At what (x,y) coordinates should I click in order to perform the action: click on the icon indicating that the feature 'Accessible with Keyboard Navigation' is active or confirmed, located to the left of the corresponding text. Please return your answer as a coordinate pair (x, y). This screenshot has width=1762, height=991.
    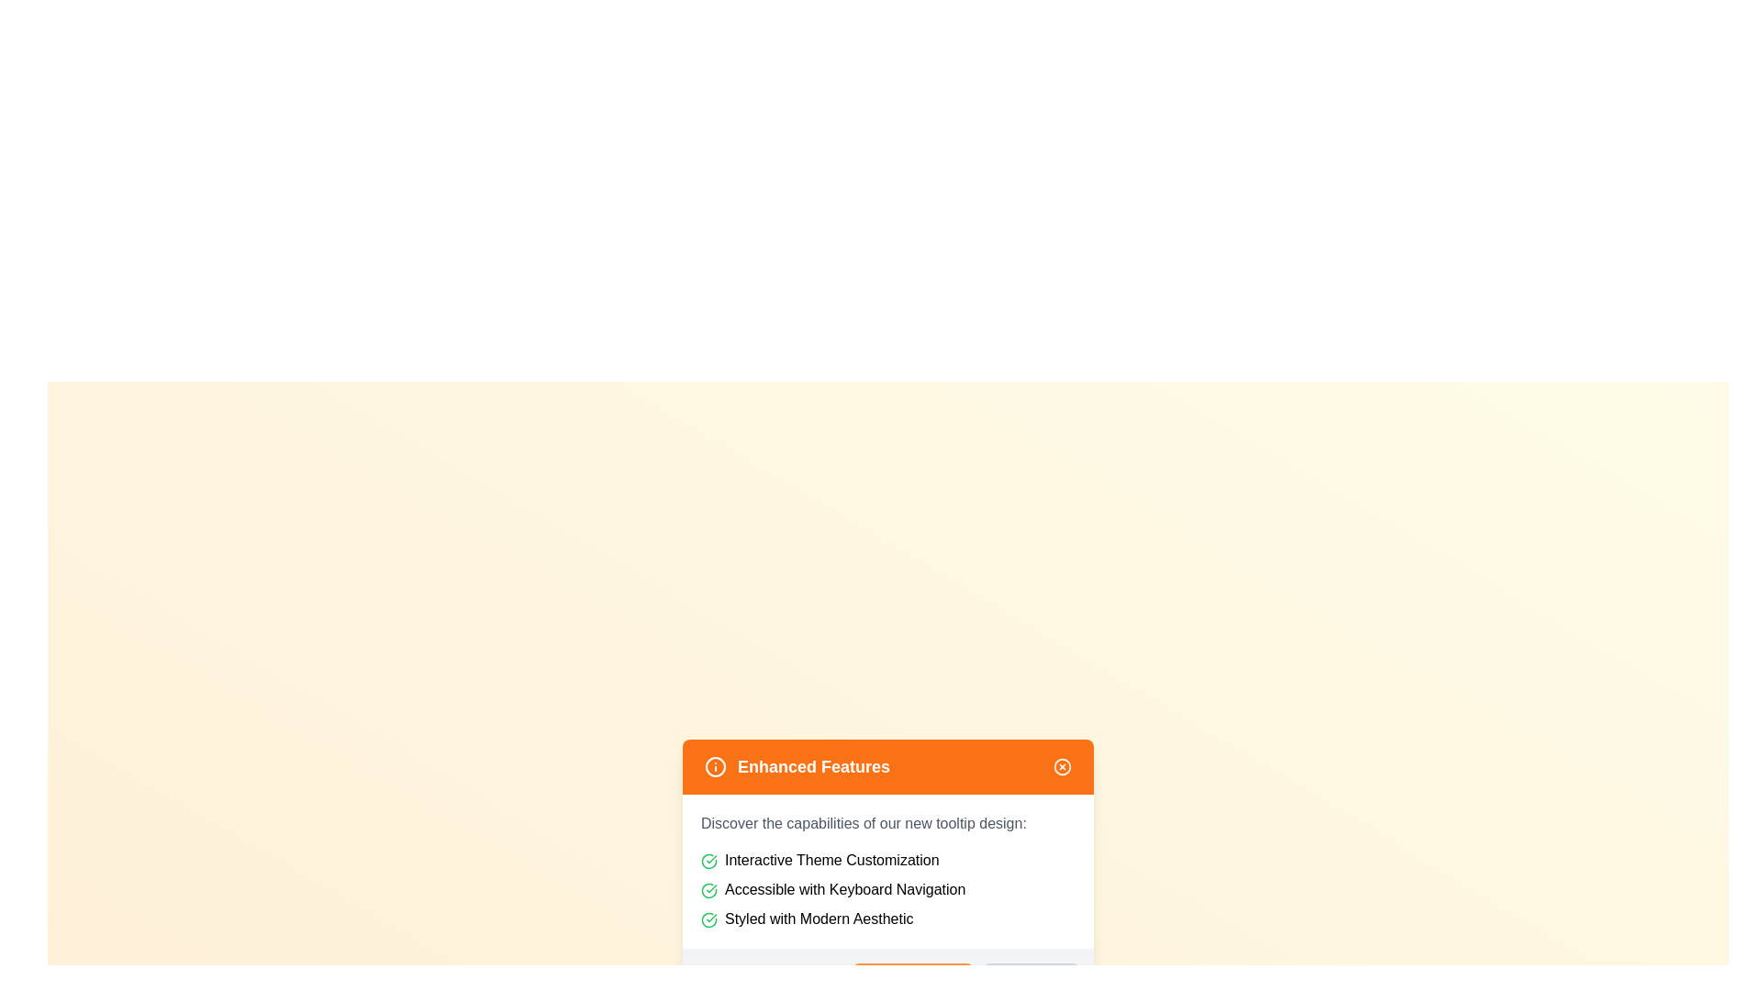
    Looking at the image, I should click on (708, 888).